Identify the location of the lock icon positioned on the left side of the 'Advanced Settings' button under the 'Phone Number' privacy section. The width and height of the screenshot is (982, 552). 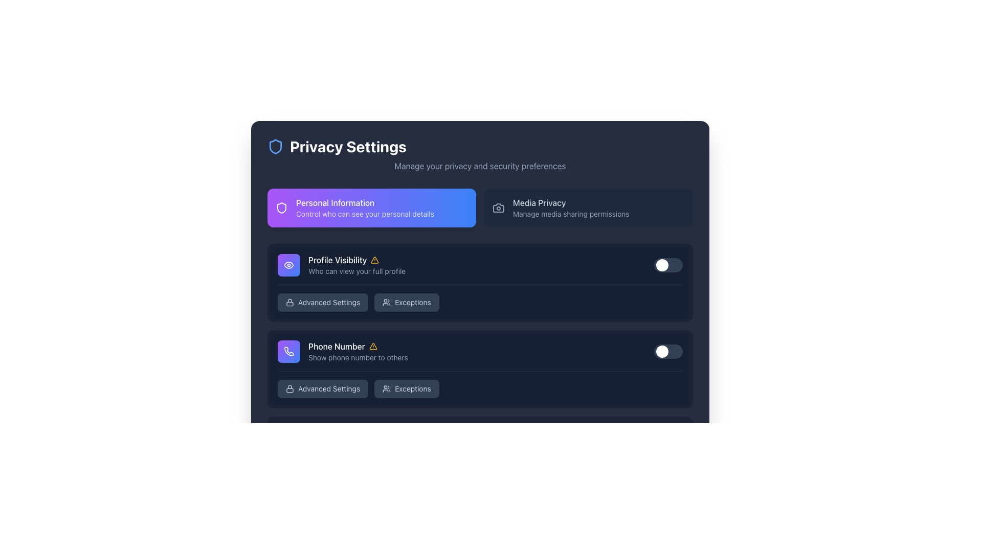
(289, 475).